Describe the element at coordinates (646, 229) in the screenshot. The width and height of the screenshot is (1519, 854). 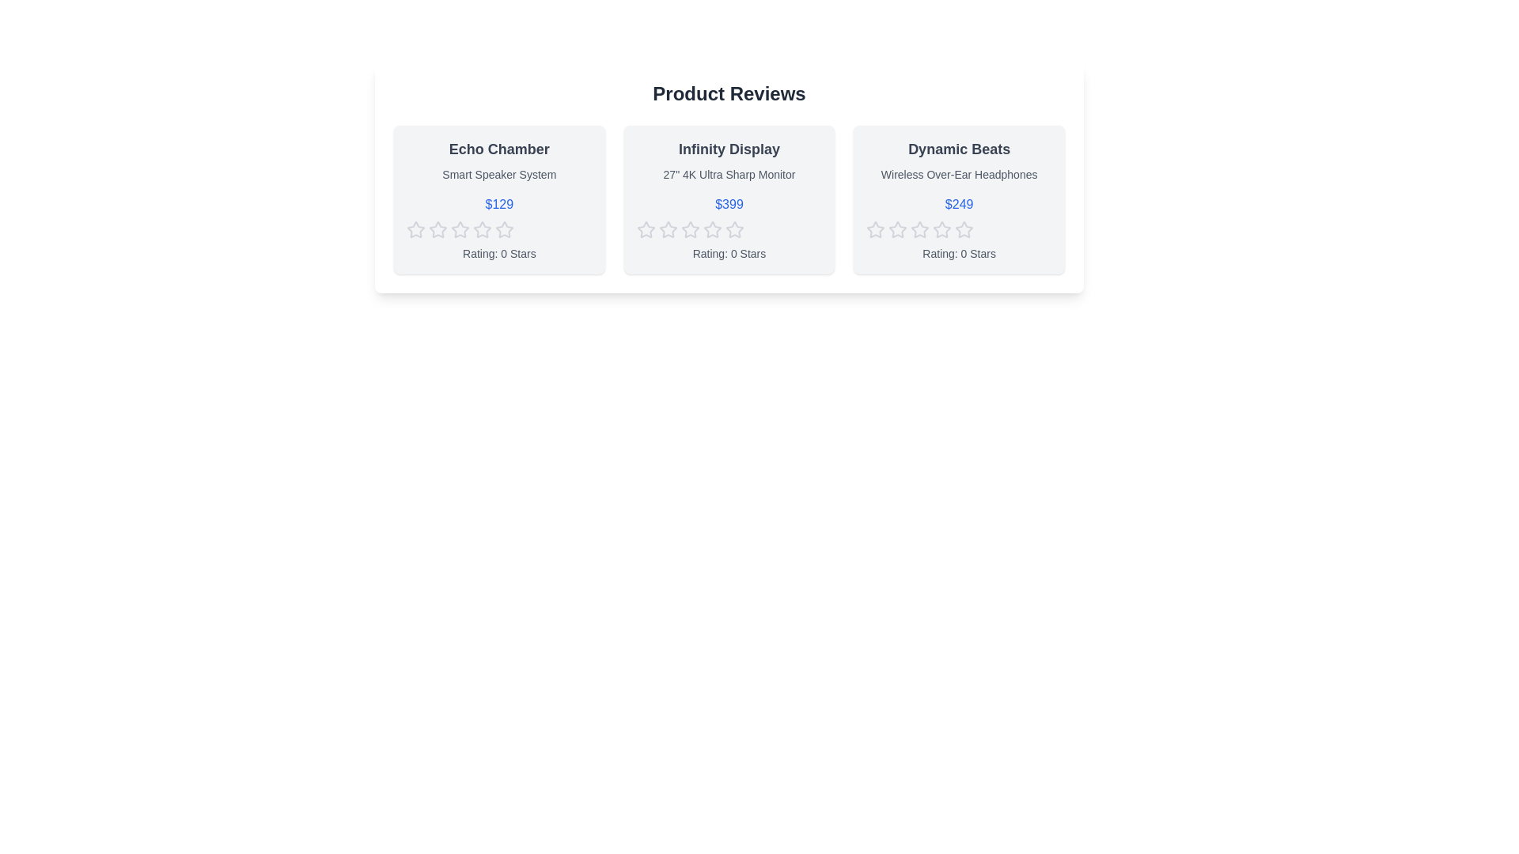
I see `the first star-shaped icon in the rating component for 'Infinity Display' to rate the product` at that location.